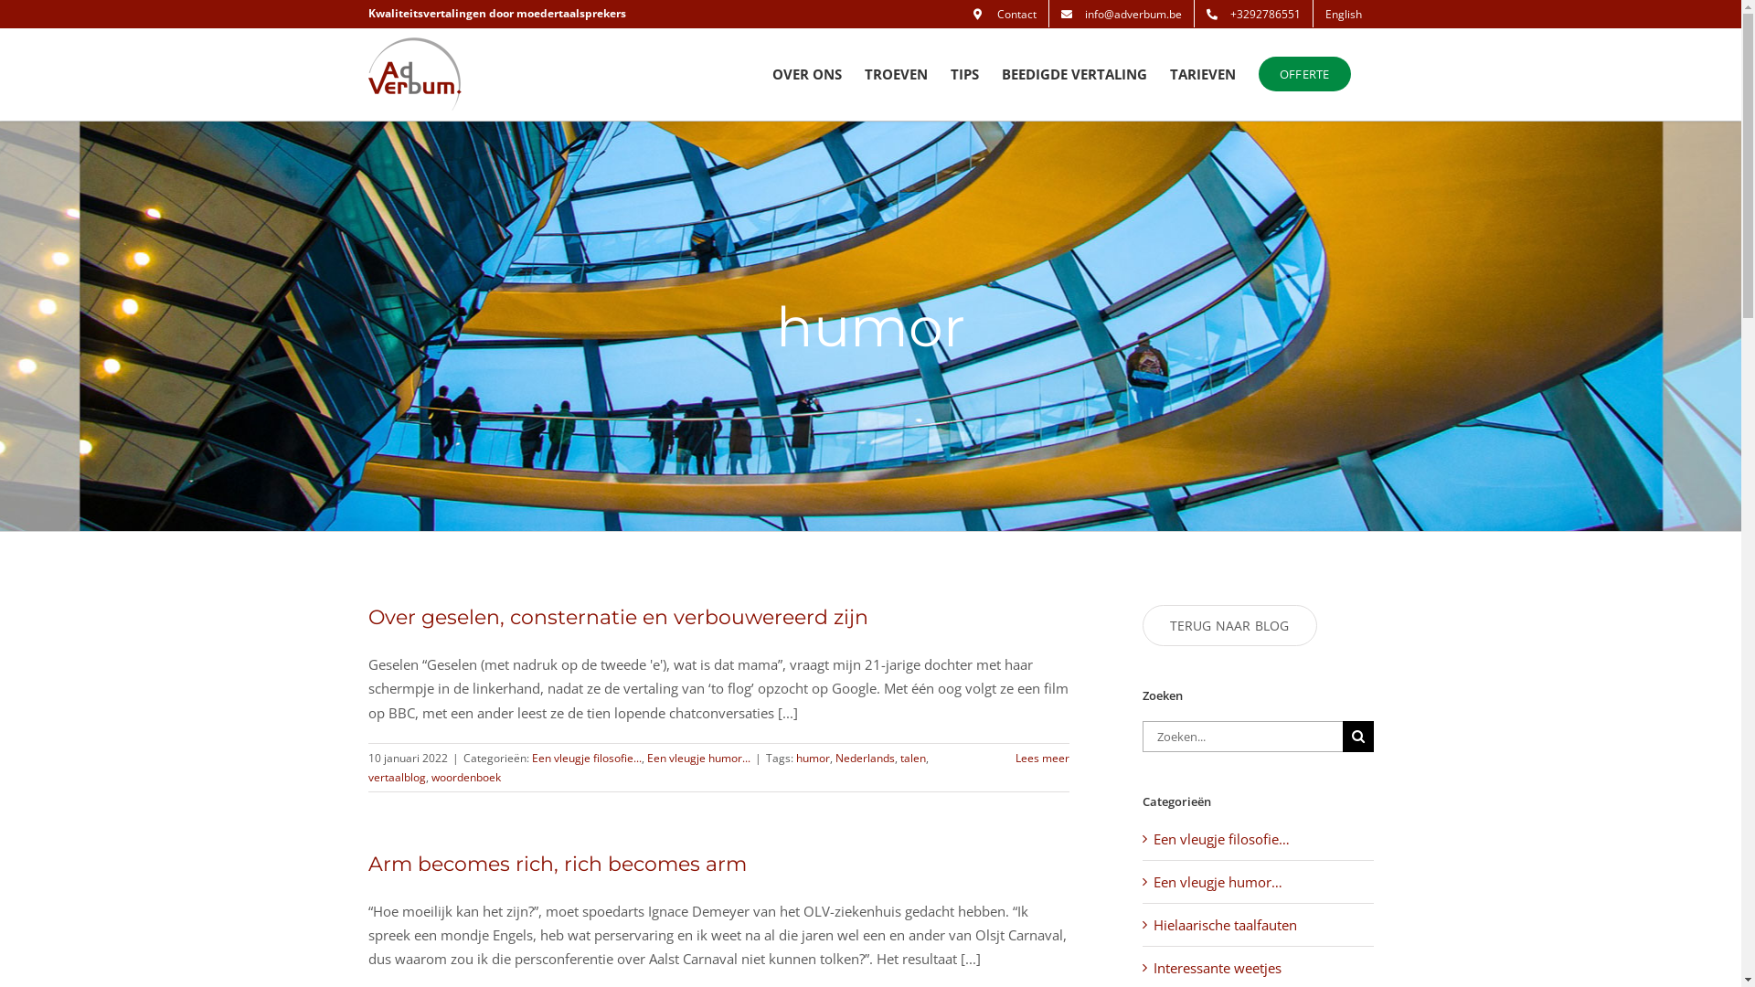  What do you see at coordinates (811, 758) in the screenshot?
I see `'humor'` at bounding box center [811, 758].